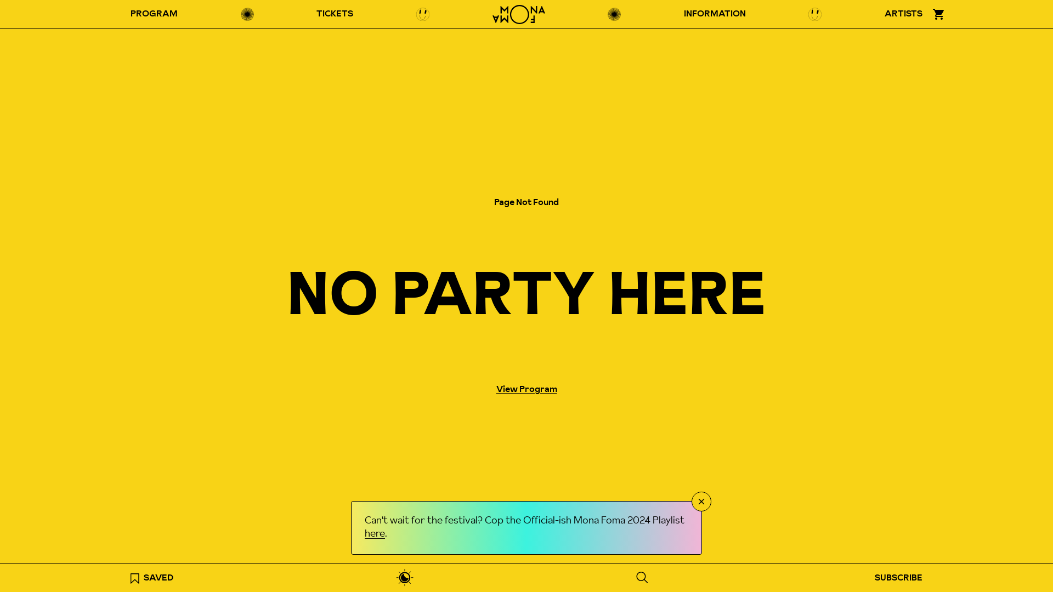 Image resolution: width=1053 pixels, height=592 pixels. Describe the element at coordinates (525, 389) in the screenshot. I see `'View Program'` at that location.